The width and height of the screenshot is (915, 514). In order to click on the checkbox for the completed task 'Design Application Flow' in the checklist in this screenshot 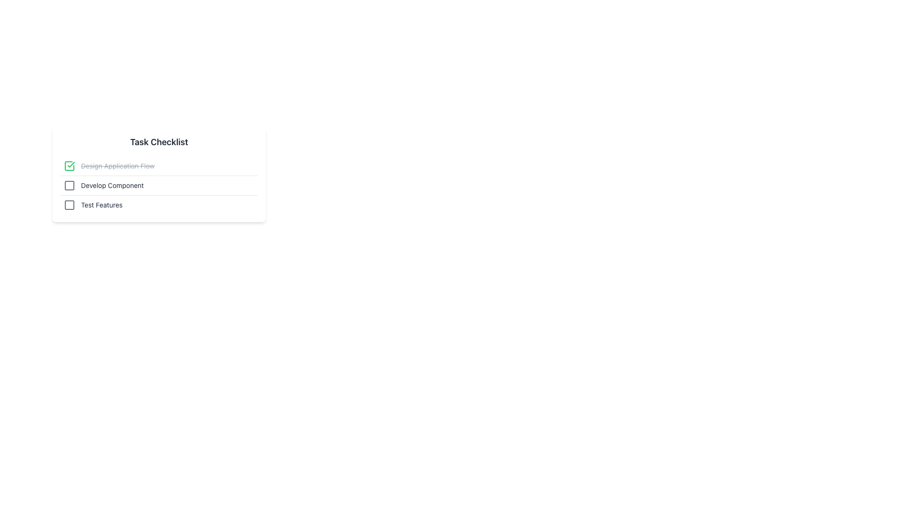, I will do `click(159, 165)`.